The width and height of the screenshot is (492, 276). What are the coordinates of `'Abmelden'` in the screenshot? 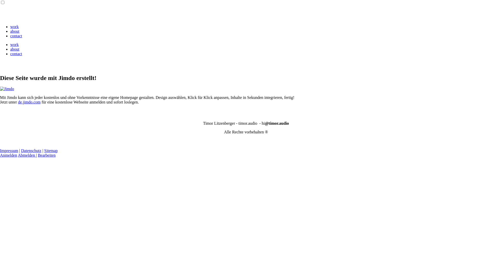 It's located at (27, 155).